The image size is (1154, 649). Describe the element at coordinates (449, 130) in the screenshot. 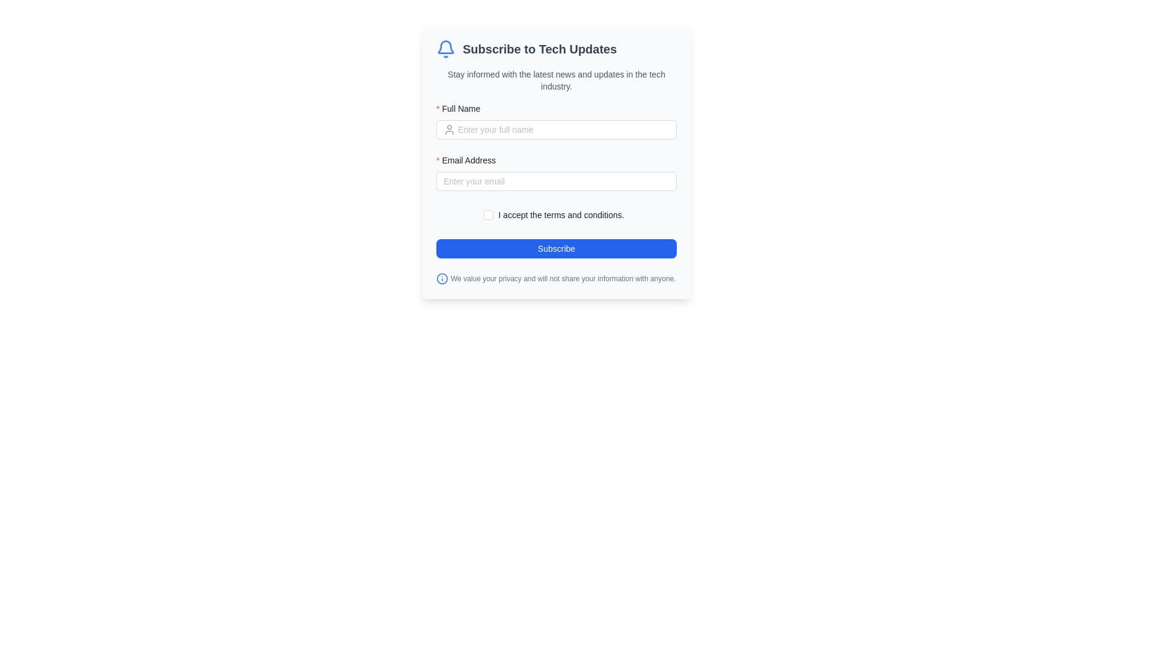

I see `the icon that serves as a visual indicator for the 'Full Name' input field, positioned to its left` at that location.